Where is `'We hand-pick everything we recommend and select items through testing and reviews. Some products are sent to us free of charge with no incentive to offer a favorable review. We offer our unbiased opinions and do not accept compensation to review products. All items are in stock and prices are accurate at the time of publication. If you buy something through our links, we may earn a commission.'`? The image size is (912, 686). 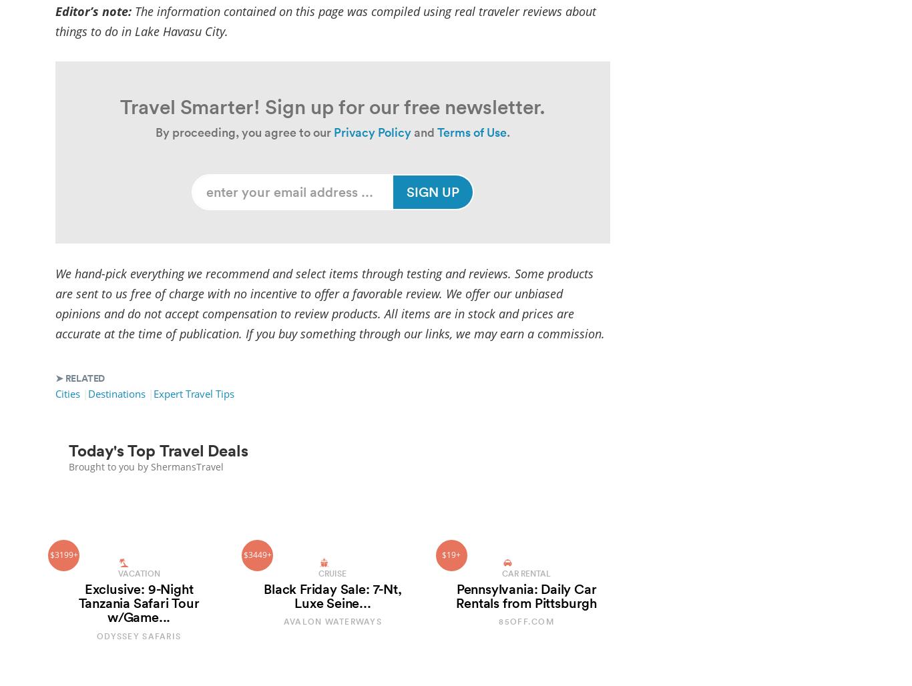
'We hand-pick everything we recommend and select items through testing and reviews. Some products are sent to us free of charge with no incentive to offer a favorable review. We offer our unbiased opinions and do not accept compensation to review products. All items are in stock and prices are accurate at the time of publication. If you buy something through our links, we may earn a commission.' is located at coordinates (330, 302).